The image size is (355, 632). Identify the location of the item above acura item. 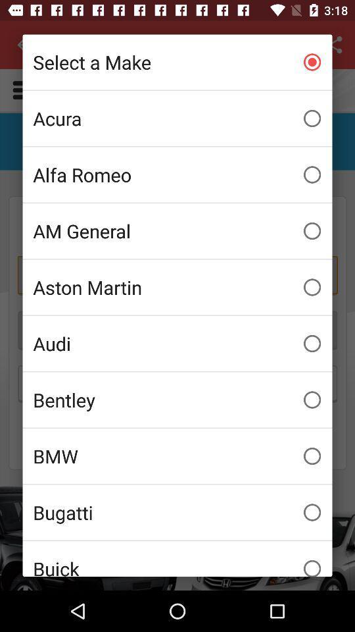
(177, 62).